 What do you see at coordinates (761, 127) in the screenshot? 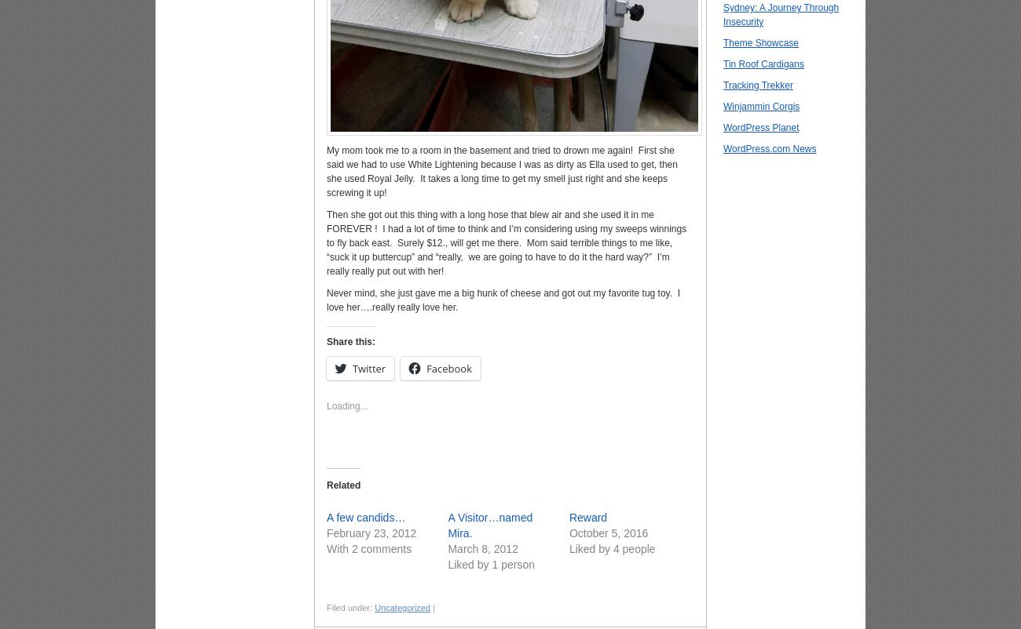
I see `'WordPress Planet'` at bounding box center [761, 127].